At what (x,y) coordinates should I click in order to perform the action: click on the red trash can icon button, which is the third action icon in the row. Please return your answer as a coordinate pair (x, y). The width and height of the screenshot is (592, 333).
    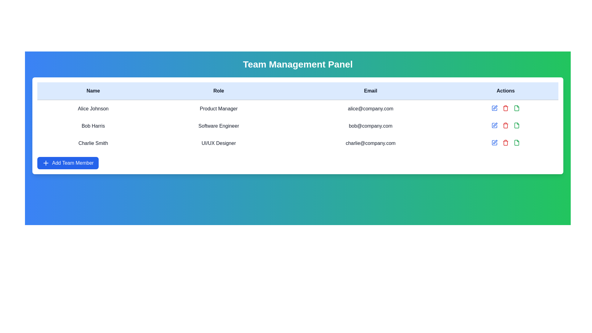
    Looking at the image, I should click on (506, 108).